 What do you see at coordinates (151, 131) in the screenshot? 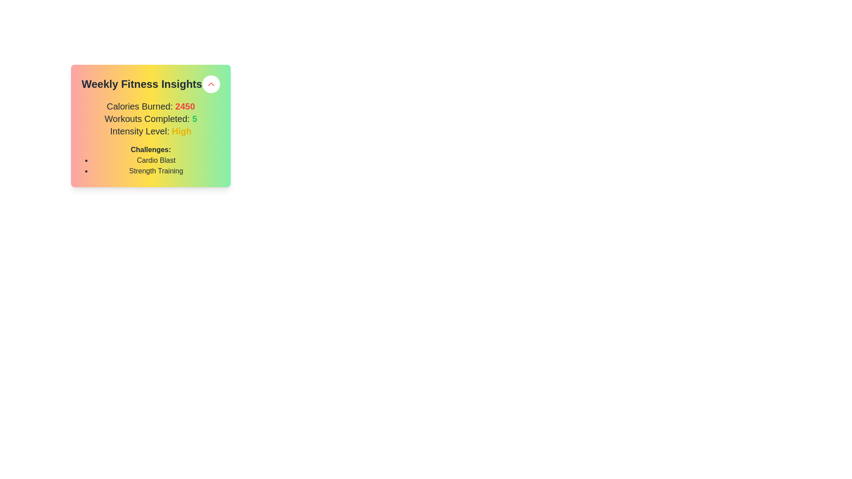
I see `the information displayed in the text snippet 'Intensity Level: High' located in the bottom-right section of the 'Weekly Fitness Insights' box` at bounding box center [151, 131].